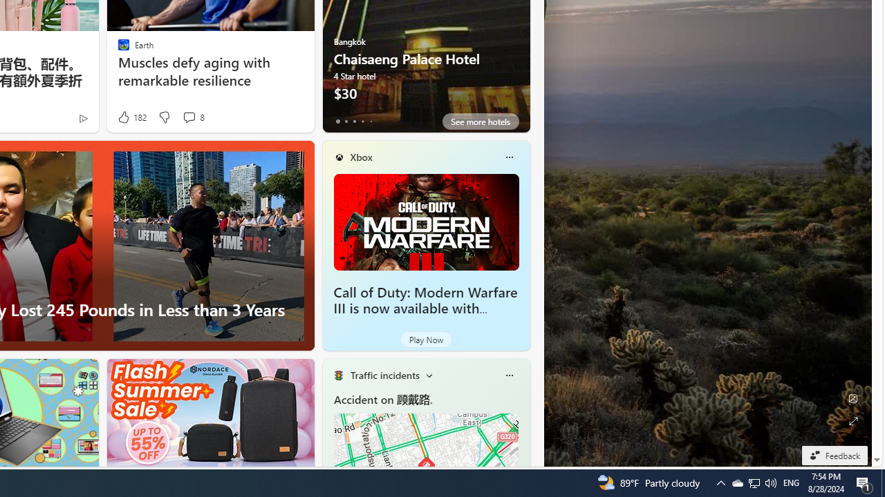  I want to click on 'tab-4', so click(371, 121).